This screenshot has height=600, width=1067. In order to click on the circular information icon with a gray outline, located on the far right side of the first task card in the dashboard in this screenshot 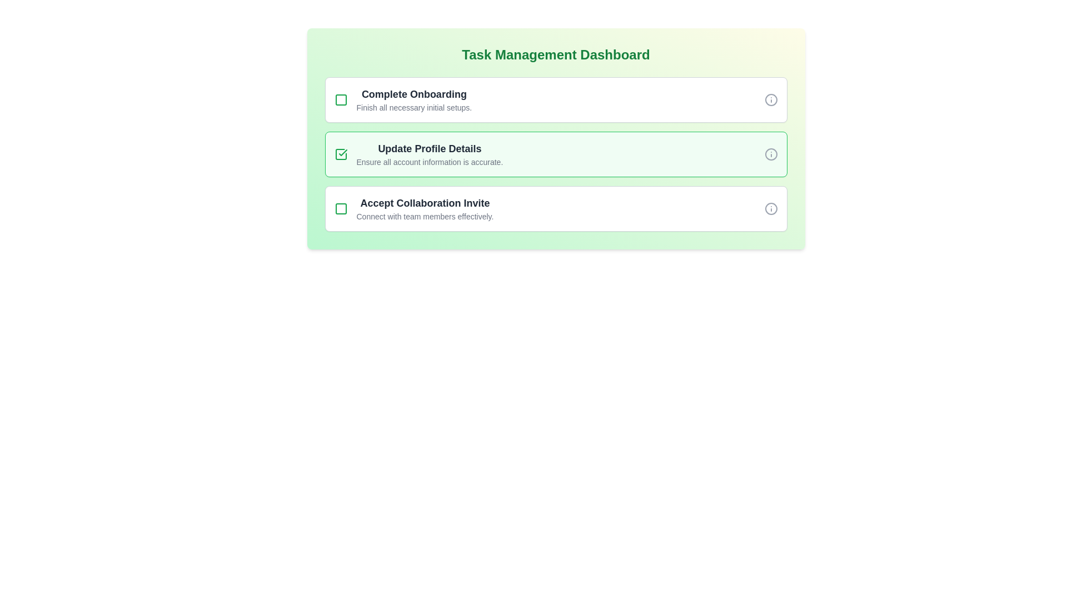, I will do `click(770, 100)`.